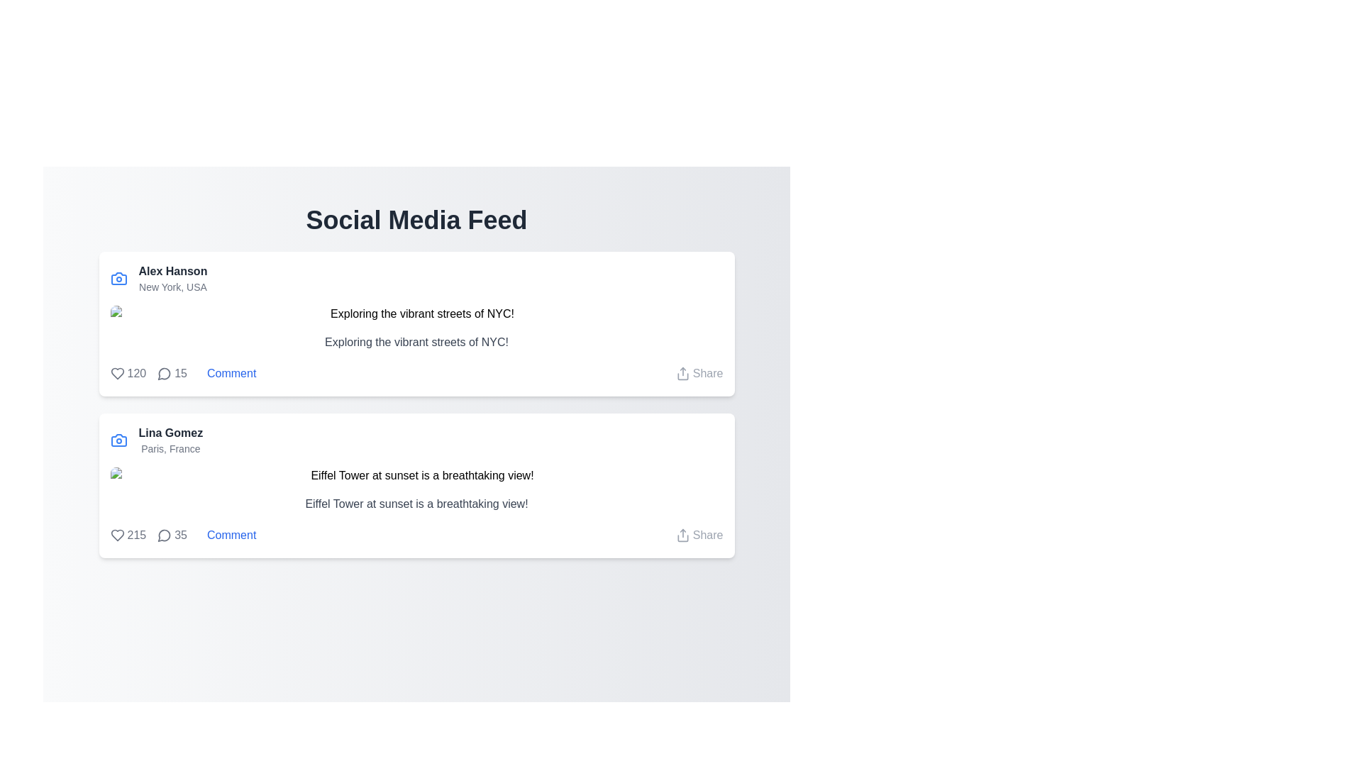 The height and width of the screenshot is (766, 1362). What do you see at coordinates (172, 271) in the screenshot?
I see `the name label identifying the author of the post in the social media feed, located at the upper left of the first post section` at bounding box center [172, 271].